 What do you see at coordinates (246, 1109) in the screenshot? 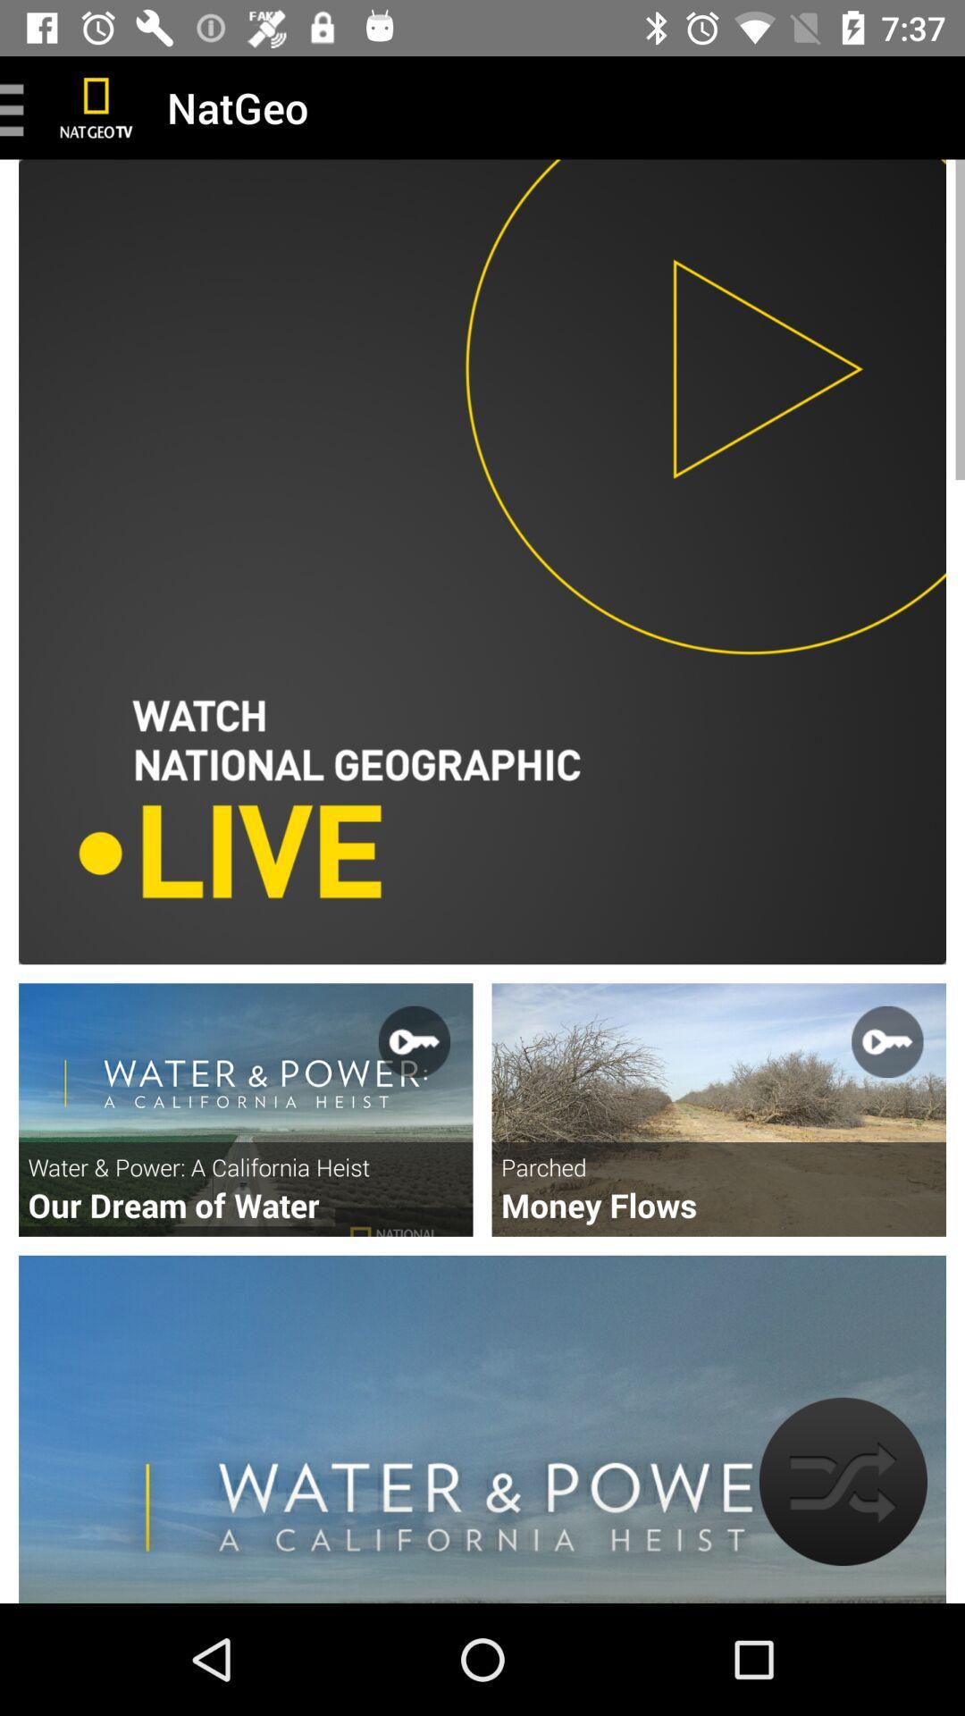
I see `open the page` at bounding box center [246, 1109].